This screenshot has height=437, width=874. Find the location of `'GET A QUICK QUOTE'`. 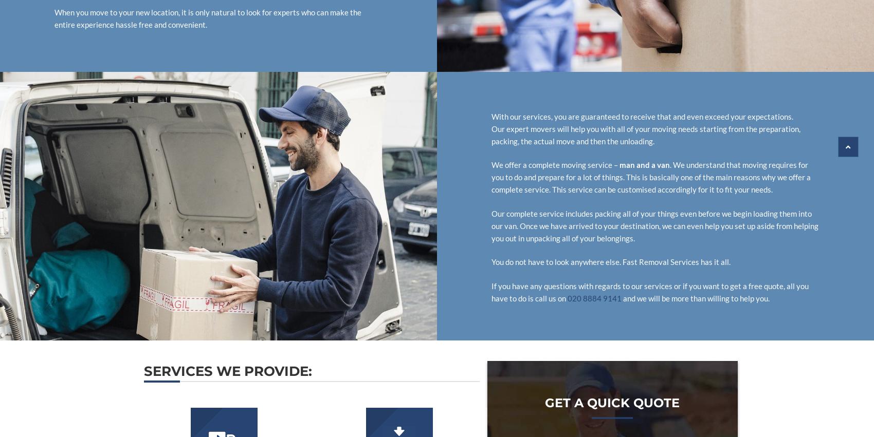

'GET A QUICK QUOTE' is located at coordinates (612, 402).